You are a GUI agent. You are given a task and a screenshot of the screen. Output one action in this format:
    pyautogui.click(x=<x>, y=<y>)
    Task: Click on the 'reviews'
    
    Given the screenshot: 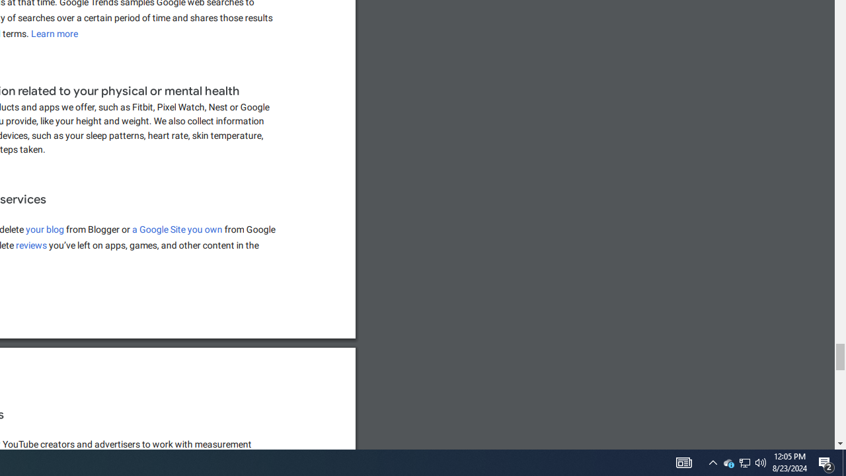 What is the action you would take?
    pyautogui.click(x=32, y=245)
    